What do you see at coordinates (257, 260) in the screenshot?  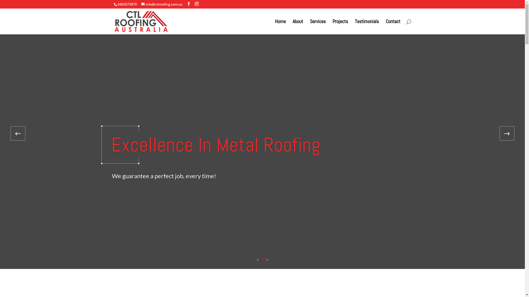 I see `'1'` at bounding box center [257, 260].